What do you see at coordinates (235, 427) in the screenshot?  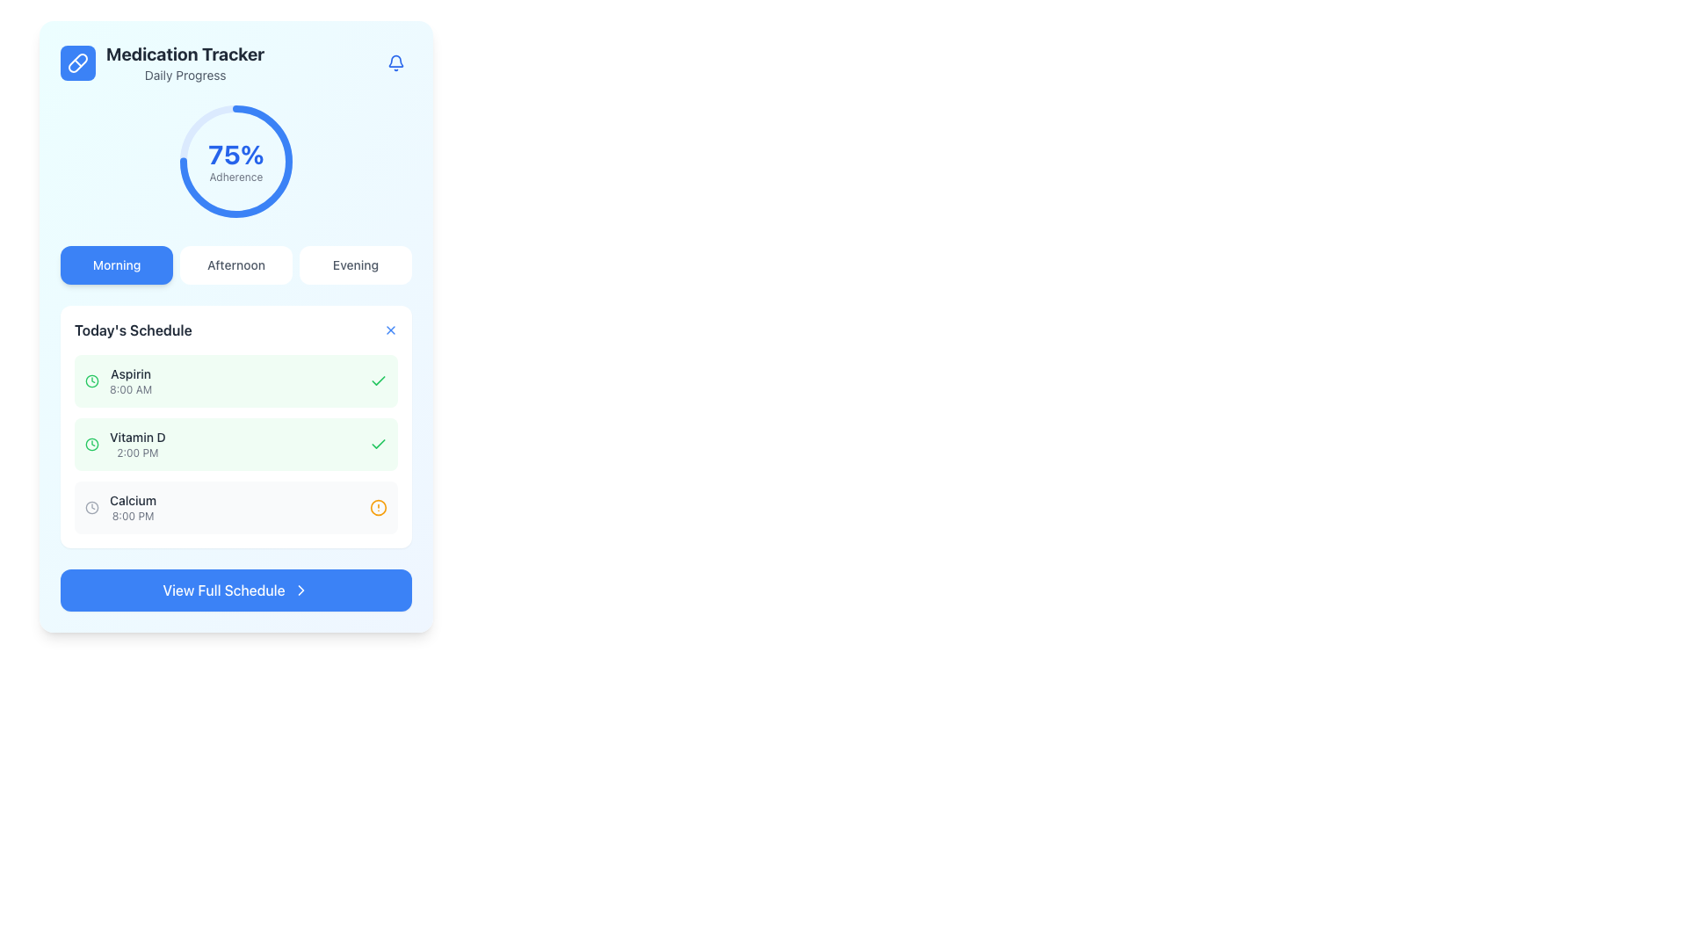 I see `medication details from the second Information card in the 'Today's Schedule' section, which displays 'Vitamin D' and the time '2:00 PM'` at bounding box center [235, 427].